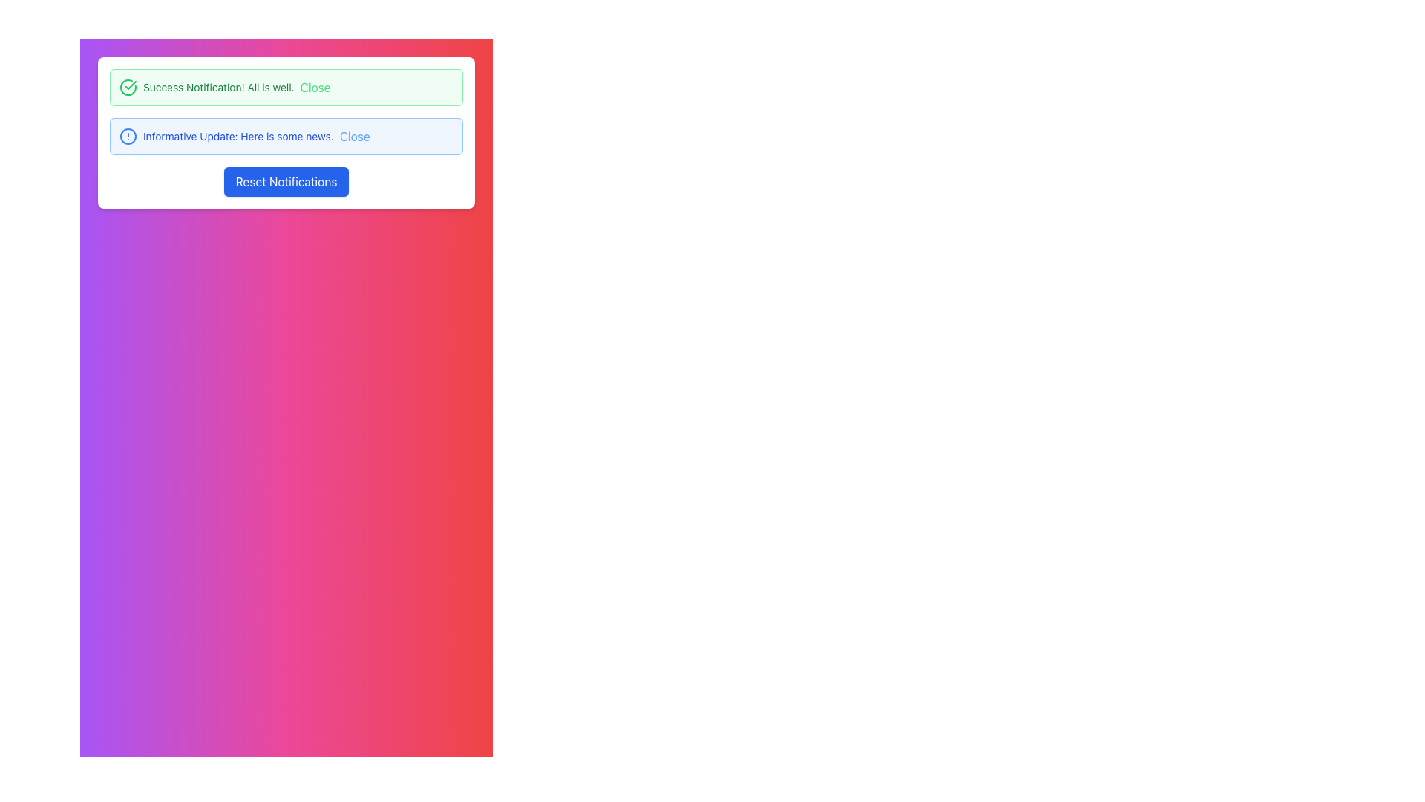  Describe the element at coordinates (128, 88) in the screenshot. I see `the success indicator icon located in the notification bar, to the left of the text 'Success Notification! All is well.'` at that location.